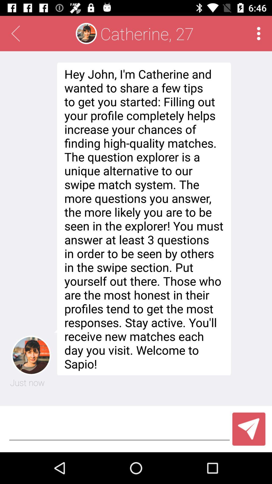 The width and height of the screenshot is (272, 484). Describe the element at coordinates (259, 33) in the screenshot. I see `the item to the right of the catherine, 27 app` at that location.